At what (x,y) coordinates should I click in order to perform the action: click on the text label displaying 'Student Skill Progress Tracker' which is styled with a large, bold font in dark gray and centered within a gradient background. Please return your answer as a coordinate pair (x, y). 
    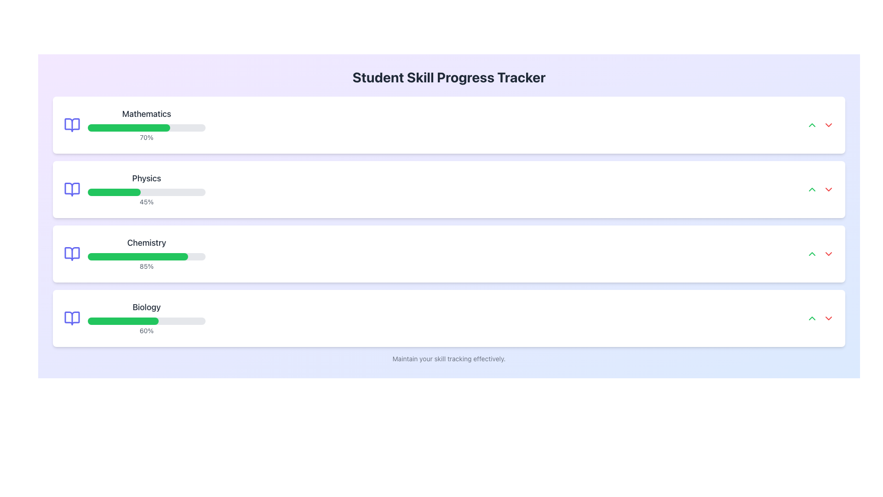
    Looking at the image, I should click on (449, 77).